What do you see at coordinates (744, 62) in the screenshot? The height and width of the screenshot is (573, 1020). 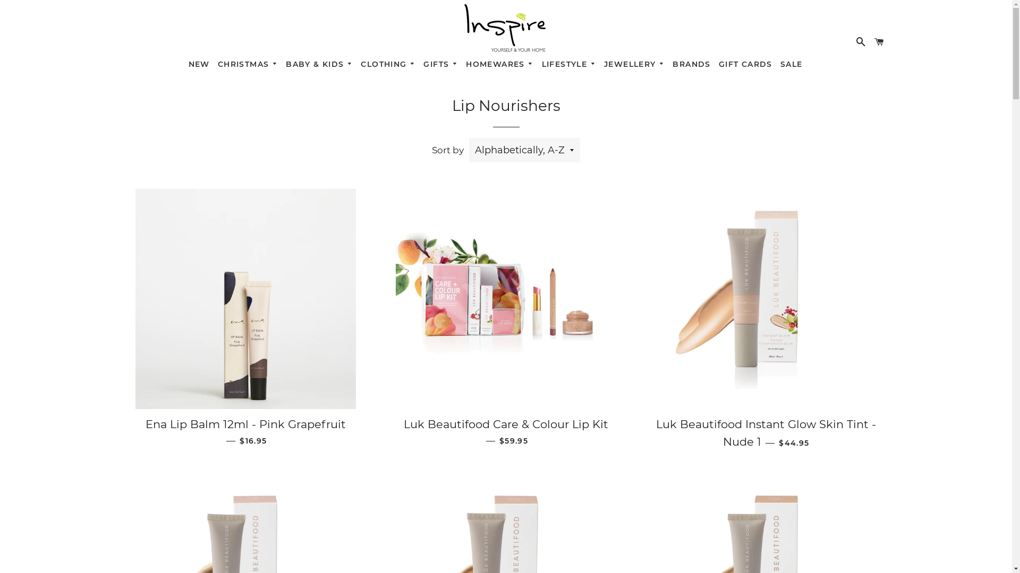 I see `'GIFT CARDS'` at bounding box center [744, 62].